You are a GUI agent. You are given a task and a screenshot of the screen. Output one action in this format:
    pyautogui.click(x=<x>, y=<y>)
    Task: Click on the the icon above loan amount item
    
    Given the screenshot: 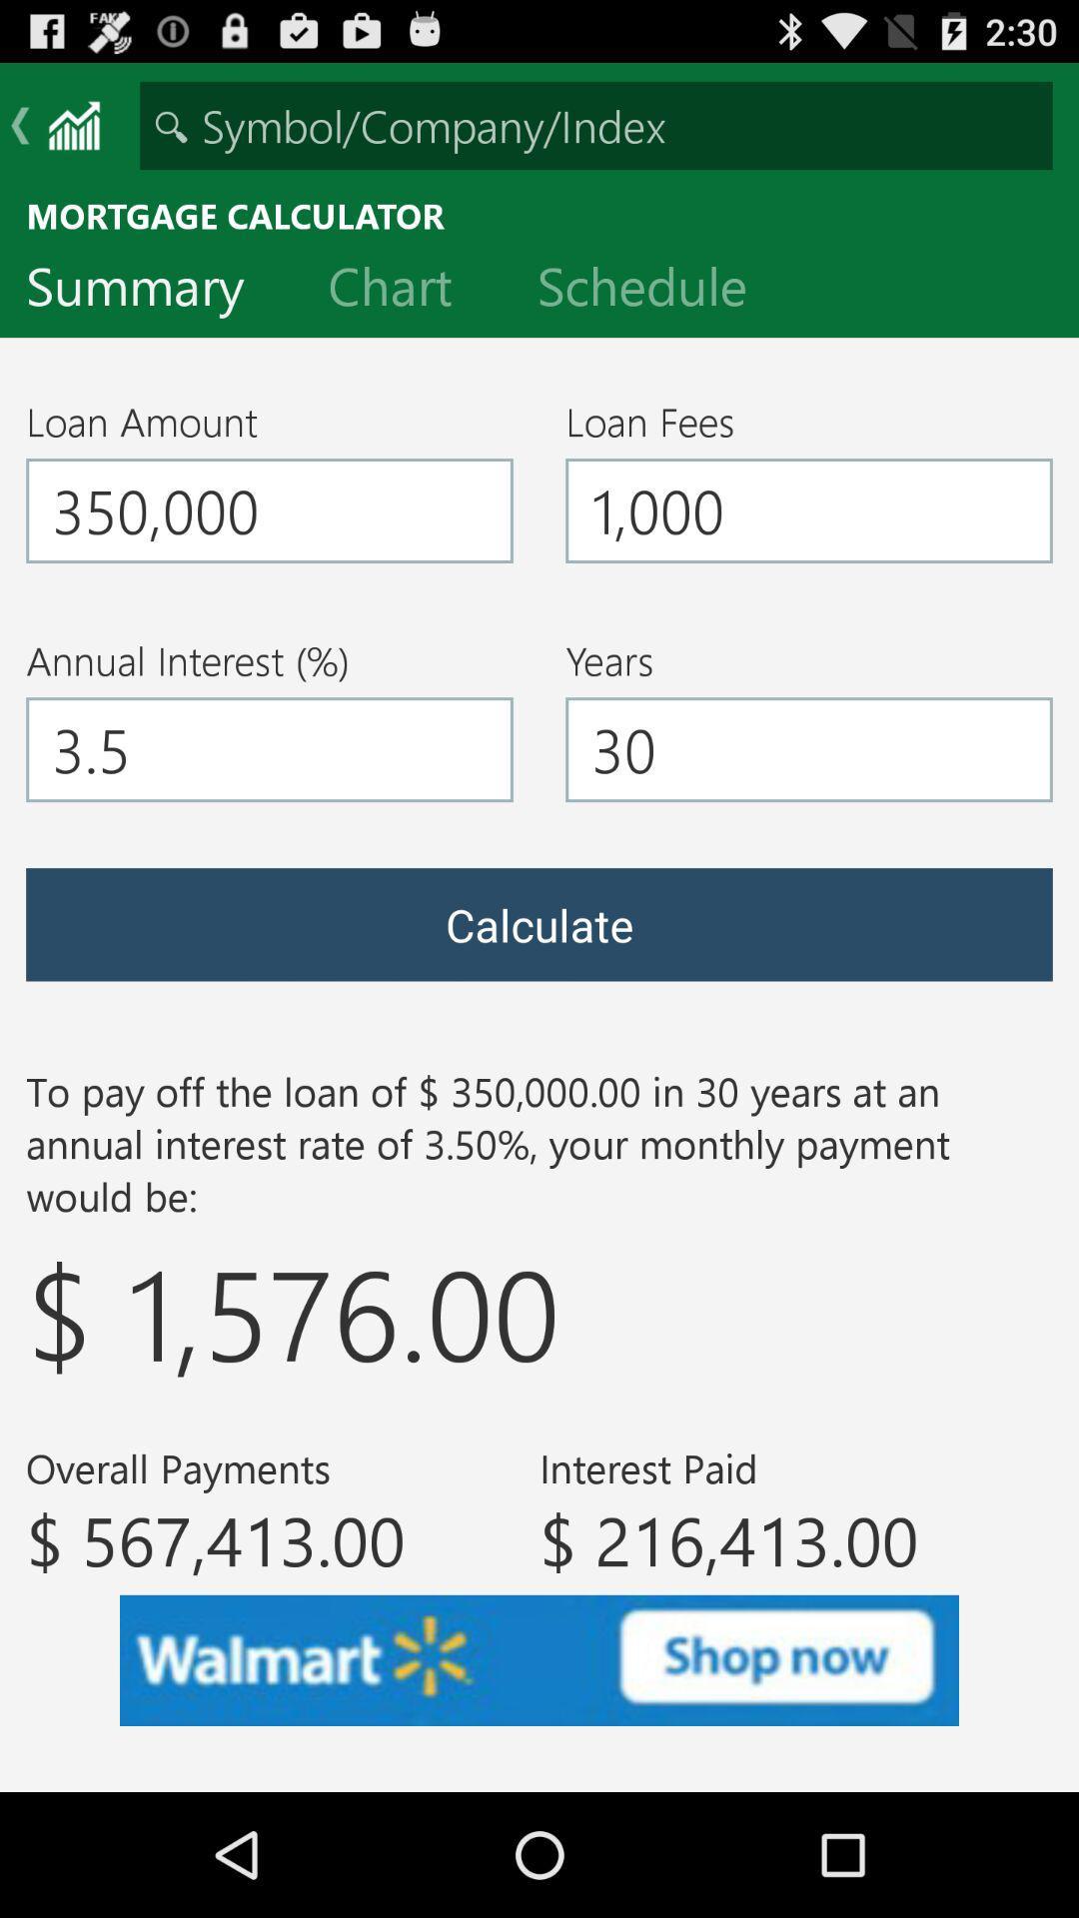 What is the action you would take?
    pyautogui.click(x=150, y=290)
    